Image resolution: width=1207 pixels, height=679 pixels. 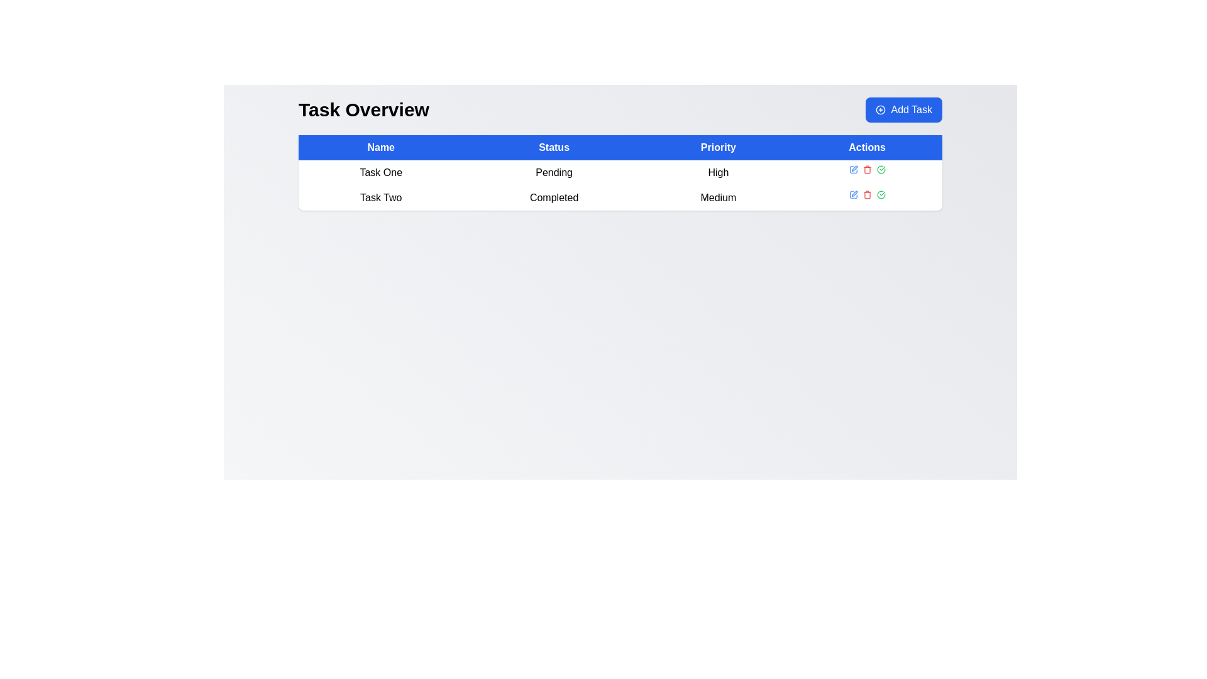 What do you see at coordinates (363, 109) in the screenshot?
I see `the 'Task Overview' text label, which is a prominent header in bold font located at the top-left section of the interface` at bounding box center [363, 109].